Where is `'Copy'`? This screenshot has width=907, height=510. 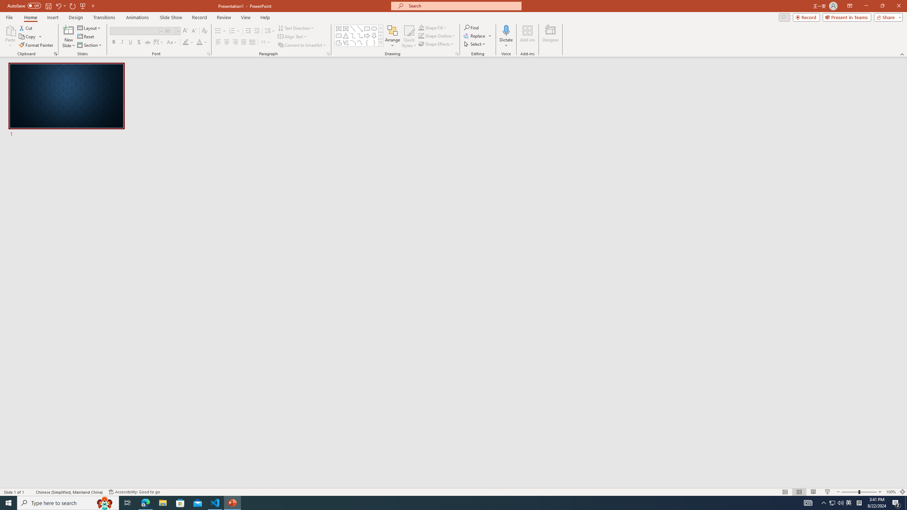 'Copy' is located at coordinates (30, 36).